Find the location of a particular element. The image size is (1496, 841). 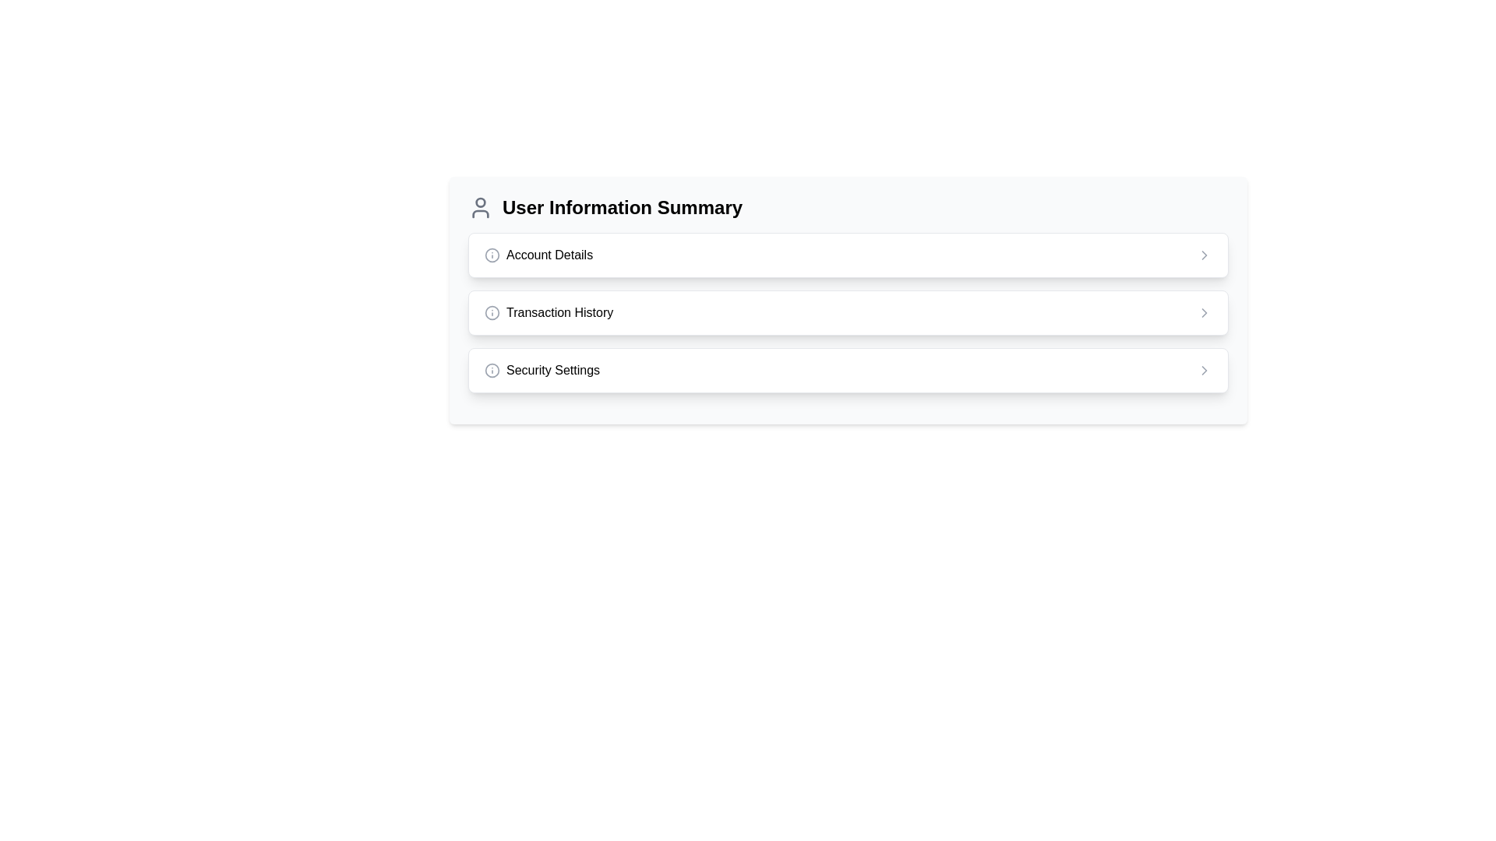

the Chevron-Right icon located at the far right of the 'Account Details' row is located at coordinates (1203, 254).